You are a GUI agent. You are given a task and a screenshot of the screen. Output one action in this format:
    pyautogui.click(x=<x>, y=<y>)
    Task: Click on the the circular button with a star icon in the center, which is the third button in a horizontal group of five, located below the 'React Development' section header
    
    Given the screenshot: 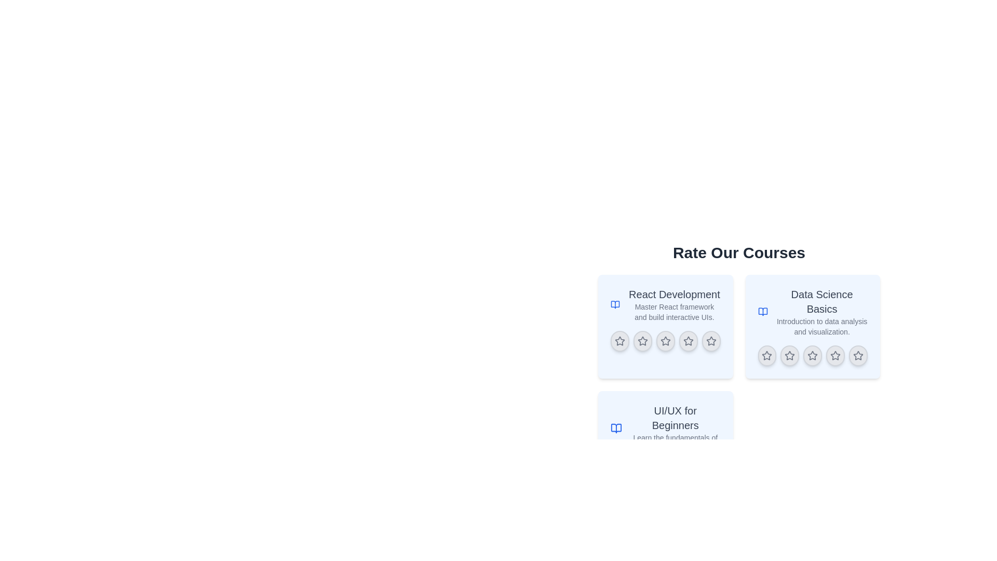 What is the action you would take?
    pyautogui.click(x=665, y=341)
    